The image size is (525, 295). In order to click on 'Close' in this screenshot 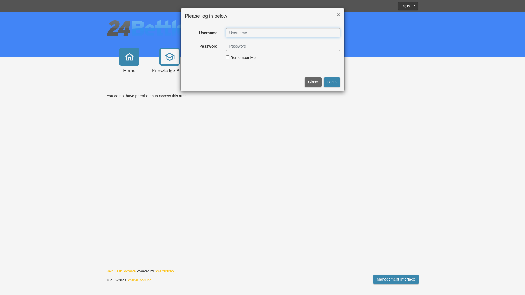, I will do `click(313, 82)`.